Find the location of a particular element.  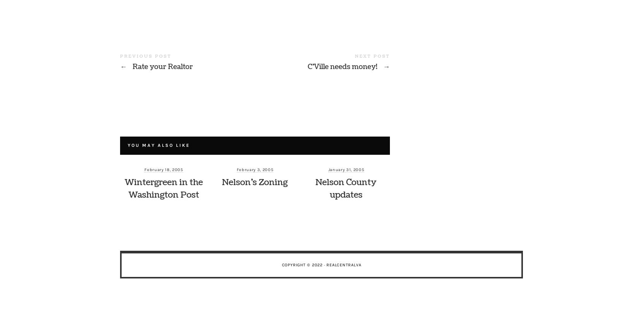

'Next Post' is located at coordinates (372, 56).